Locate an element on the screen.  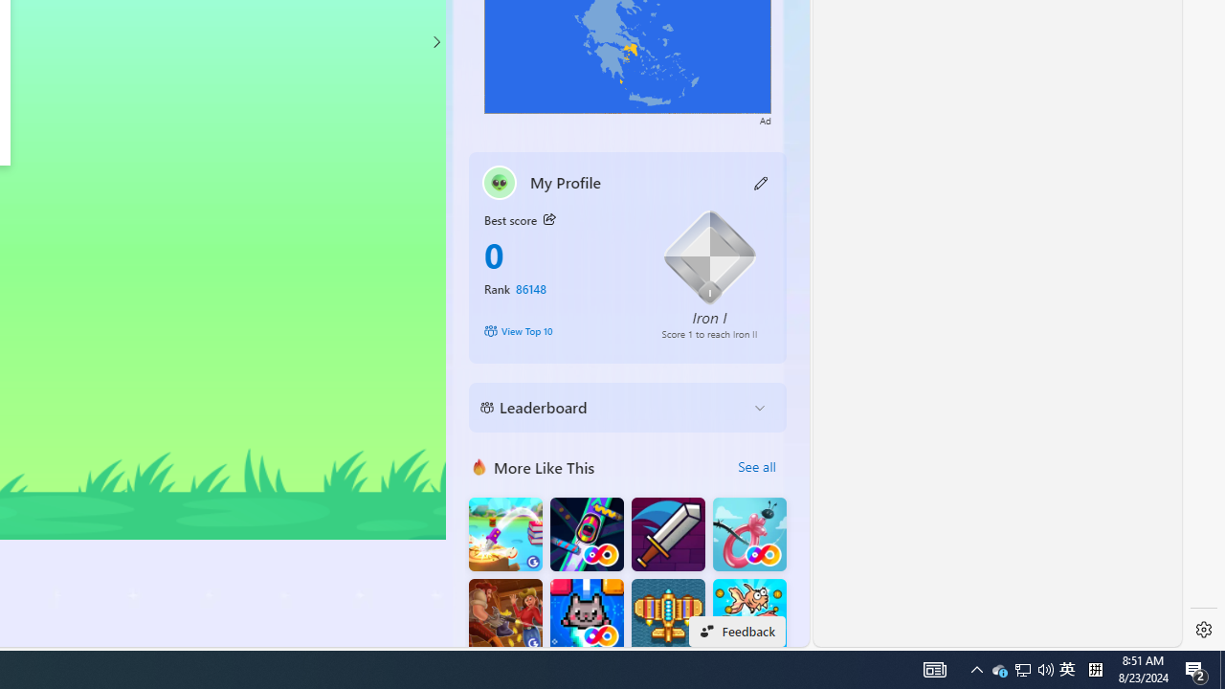
'Bumper Car FRVR' is located at coordinates (586, 534).